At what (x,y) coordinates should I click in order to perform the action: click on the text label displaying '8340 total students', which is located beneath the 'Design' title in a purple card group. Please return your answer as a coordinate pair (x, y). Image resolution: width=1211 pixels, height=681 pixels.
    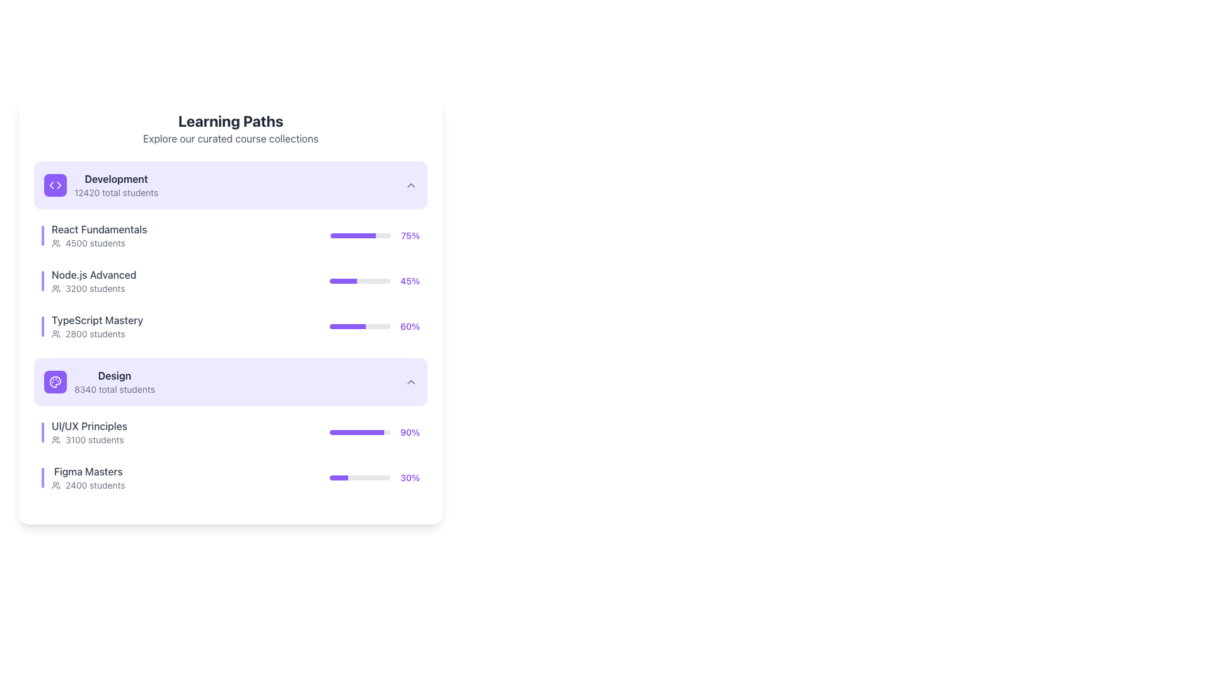
    Looking at the image, I should click on (114, 388).